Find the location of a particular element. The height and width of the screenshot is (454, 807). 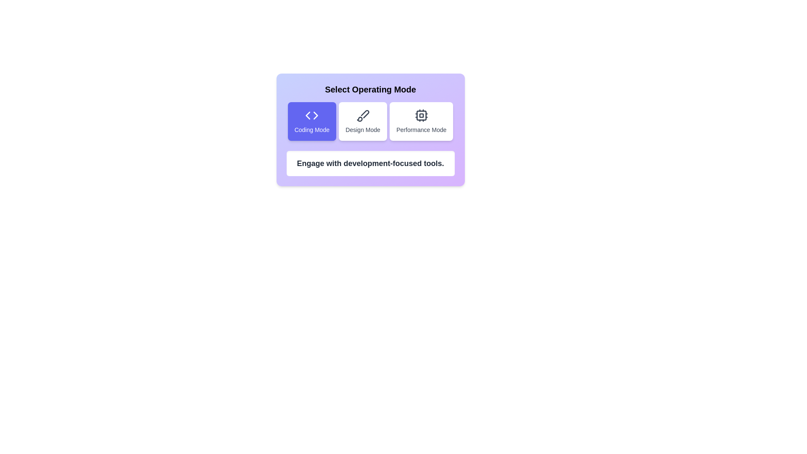

the button corresponding to Coding Mode to view its description is located at coordinates (311, 121).